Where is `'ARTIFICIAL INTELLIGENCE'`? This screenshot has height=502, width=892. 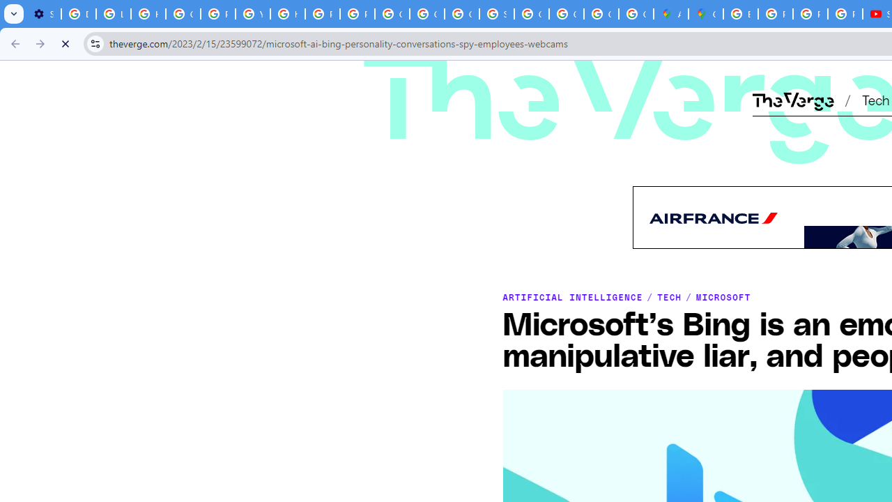
'ARTIFICIAL INTELLIGENCE' is located at coordinates (572, 296).